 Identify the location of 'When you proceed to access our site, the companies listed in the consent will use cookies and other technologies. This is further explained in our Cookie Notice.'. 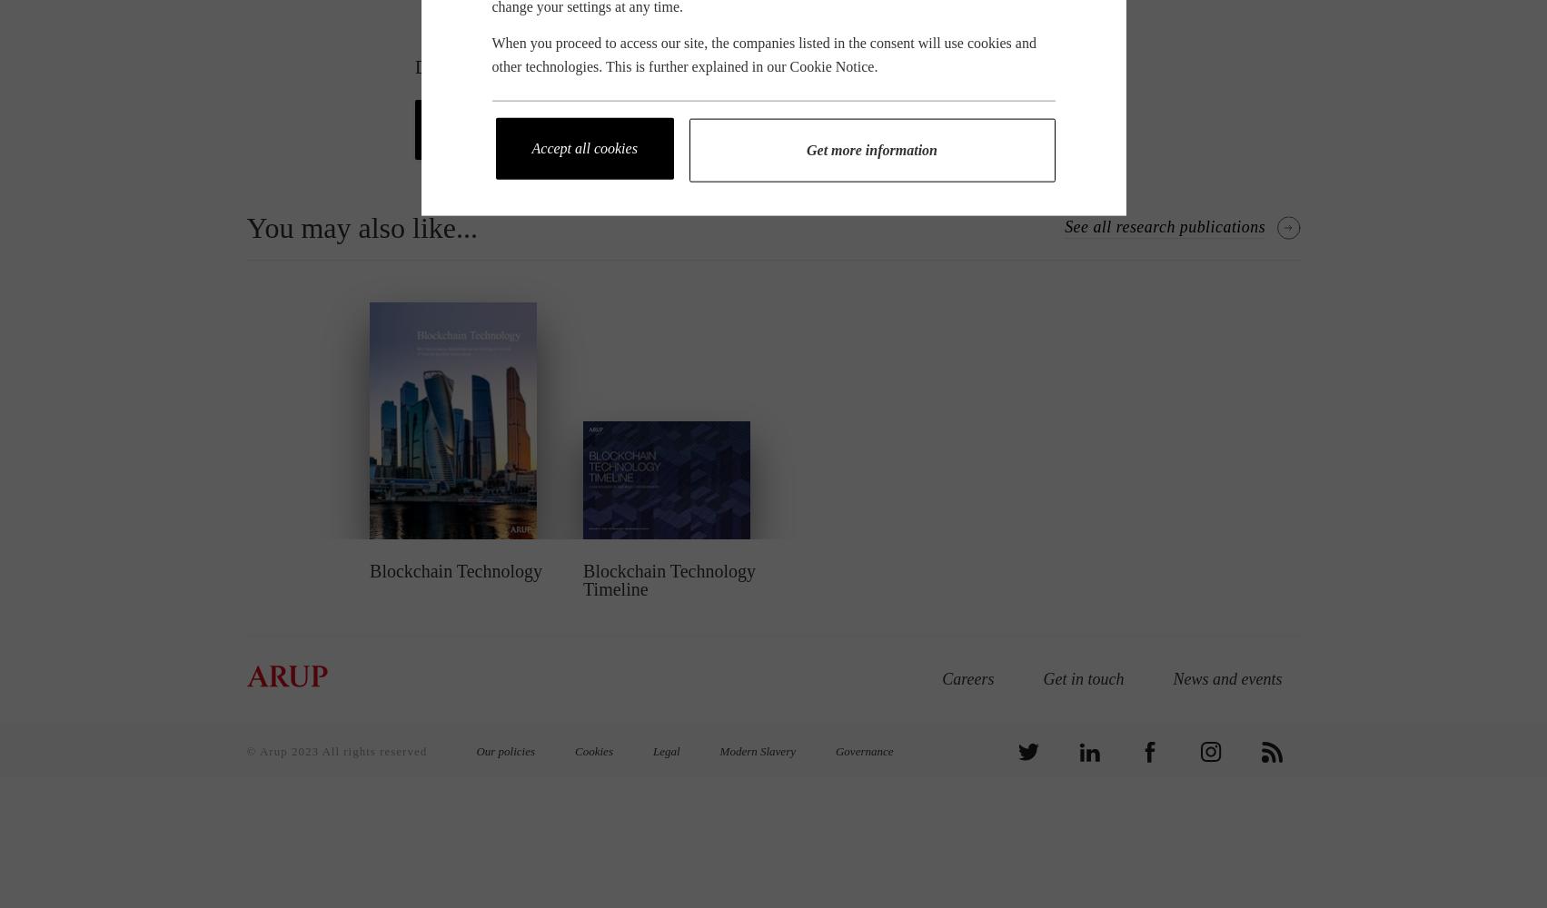
(763, 54).